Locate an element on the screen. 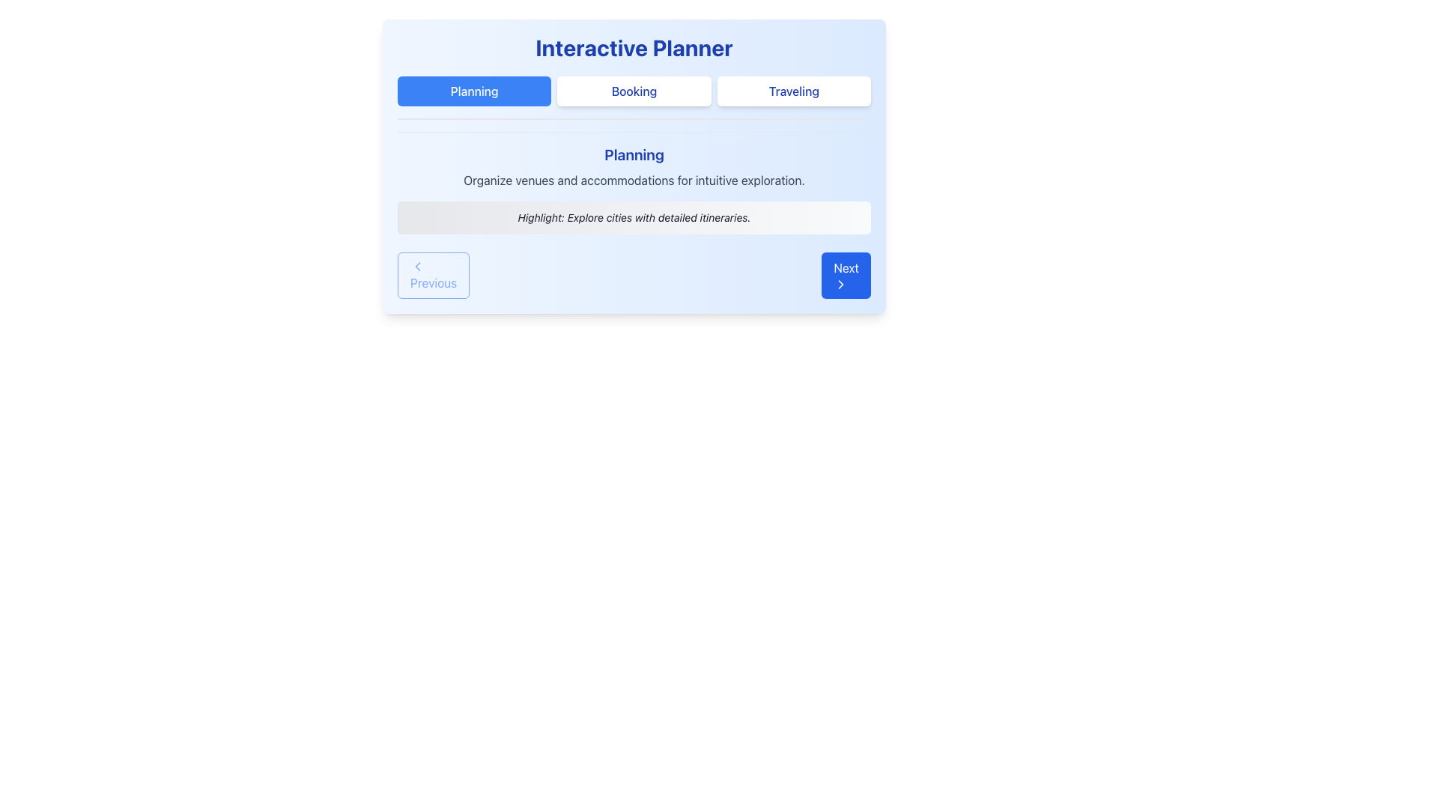  the 'Traveling' button, which is a rectangular button with rounded corners, displaying the text 'Traveling' in blue on a white background, located under the title 'Interactive Planner' is located at coordinates (793, 91).